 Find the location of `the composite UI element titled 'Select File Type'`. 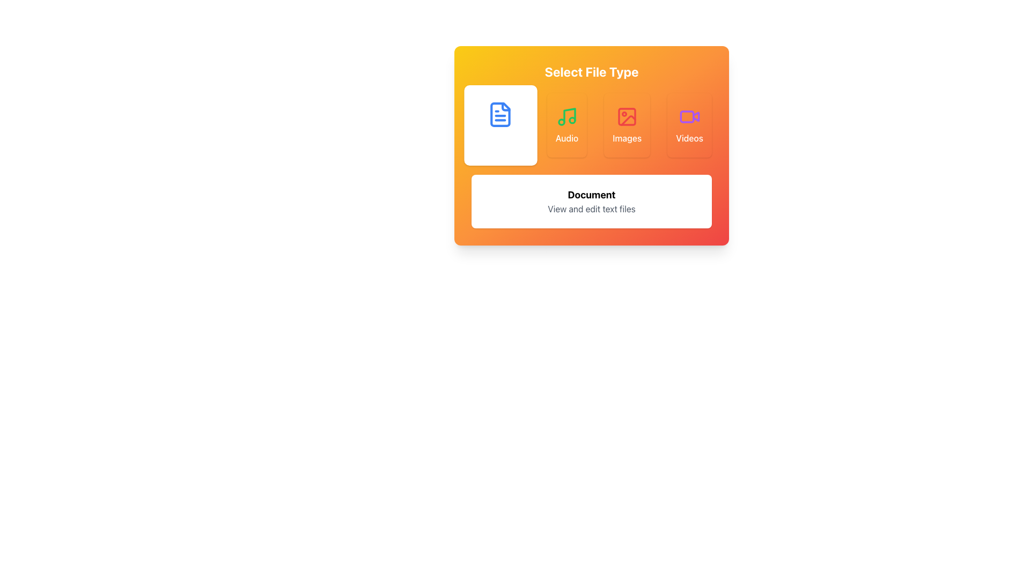

the composite UI element titled 'Select File Type' is located at coordinates (591, 146).